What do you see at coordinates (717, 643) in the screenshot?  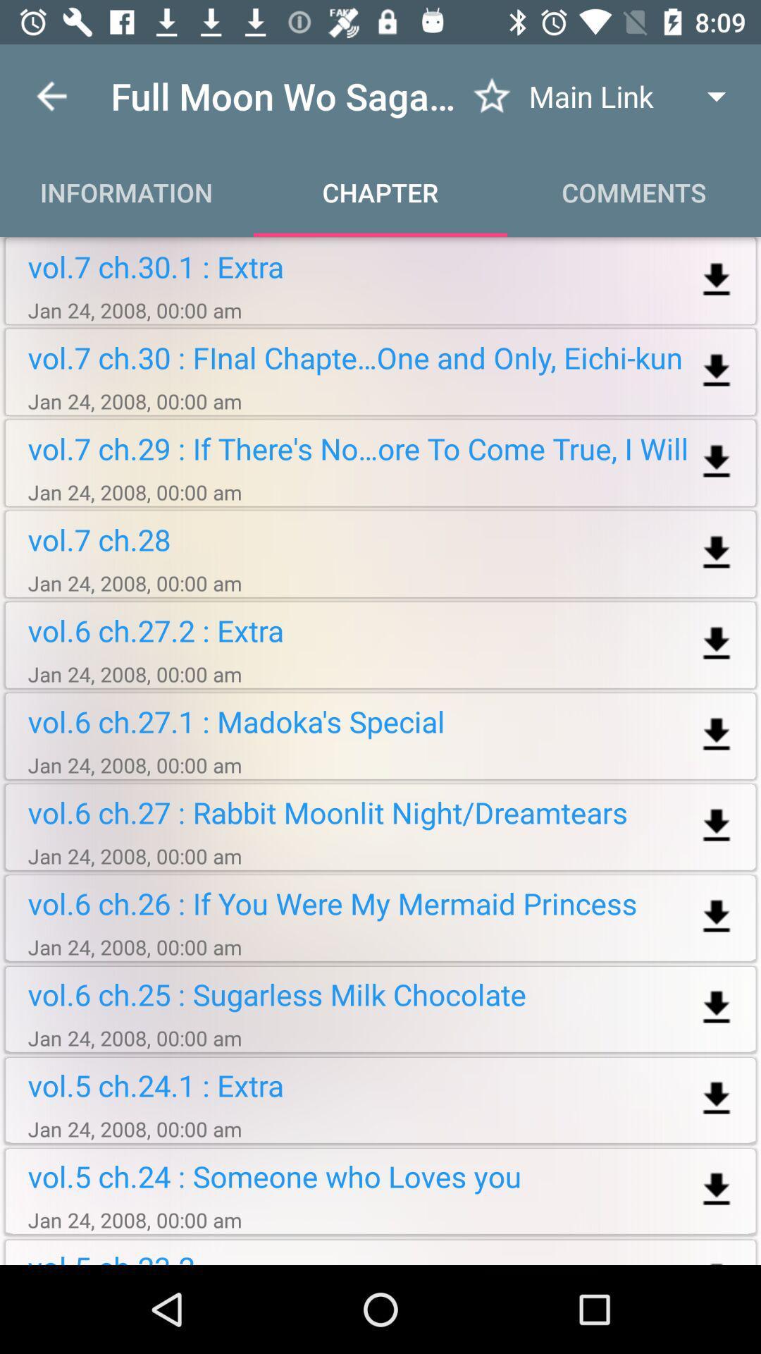 I see `baixar musica` at bounding box center [717, 643].